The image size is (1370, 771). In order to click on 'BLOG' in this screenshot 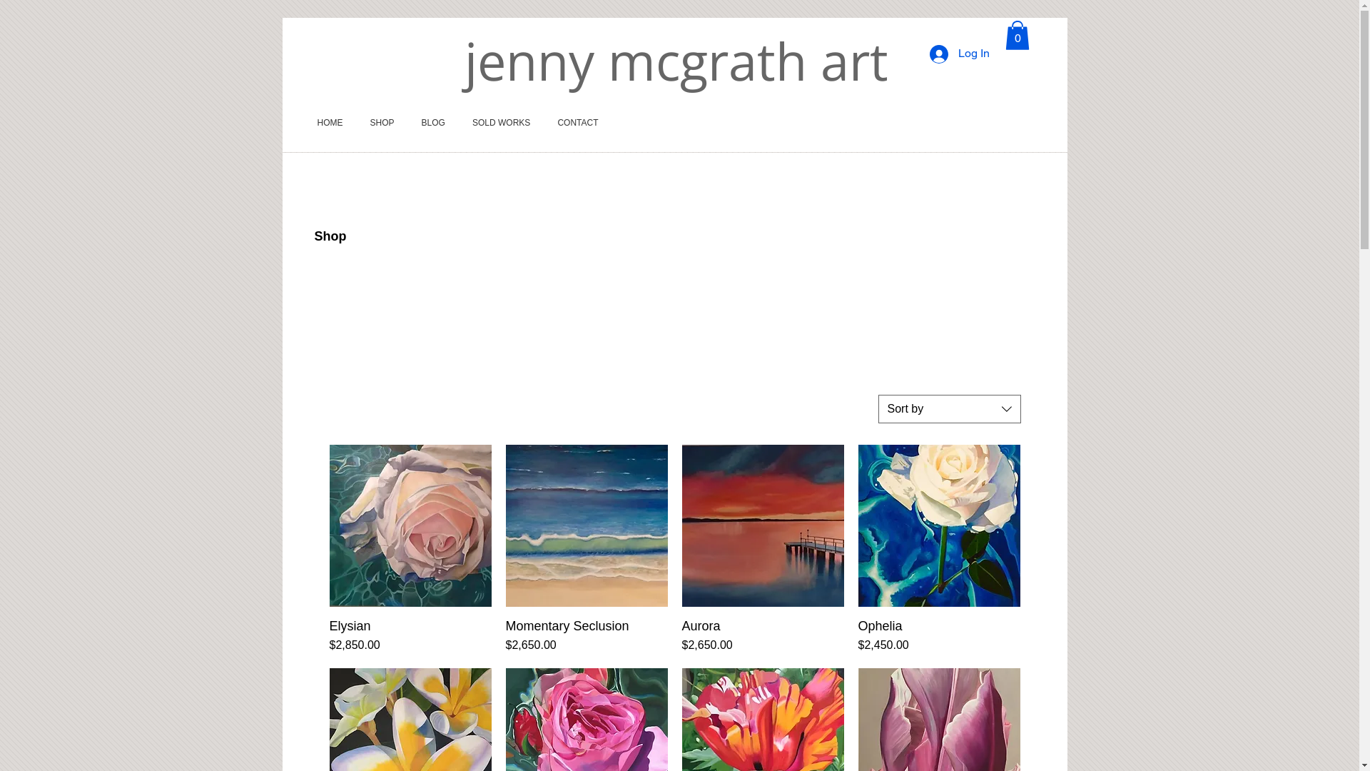, I will do `click(432, 122)`.